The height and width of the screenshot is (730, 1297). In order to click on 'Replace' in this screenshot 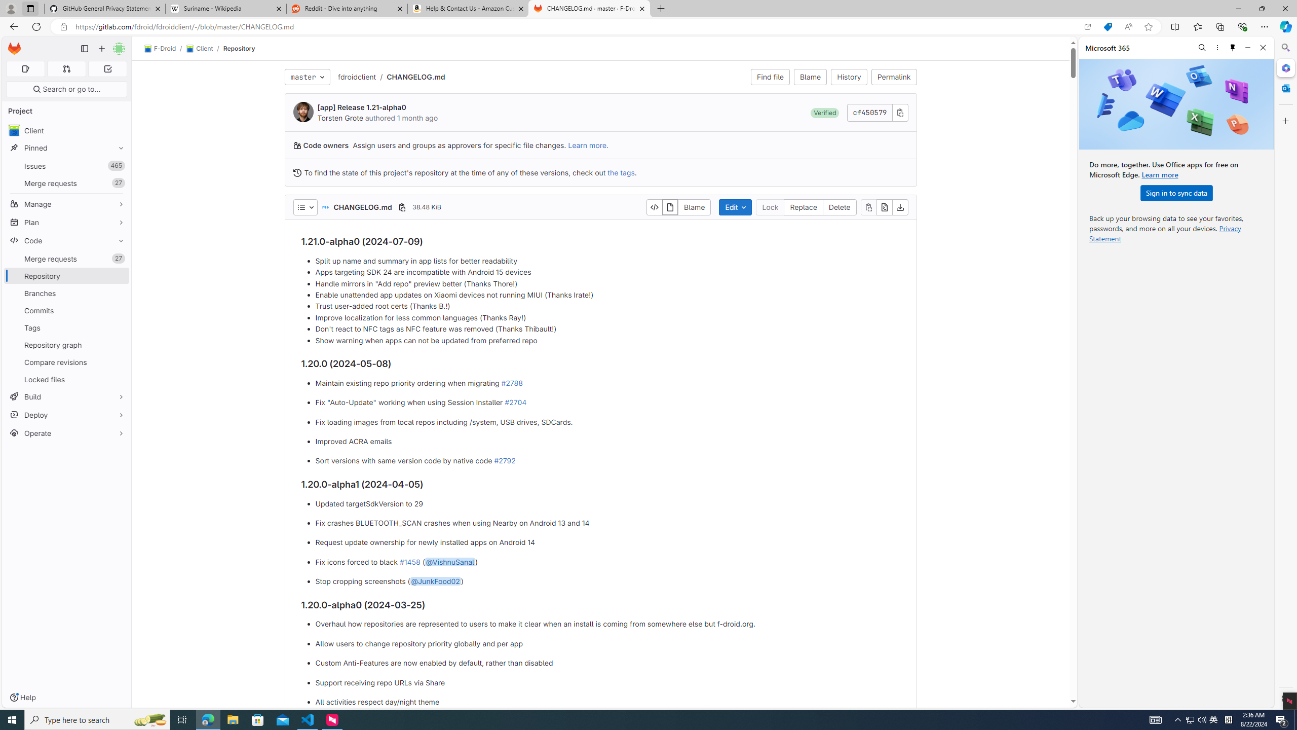, I will do `click(803, 206)`.